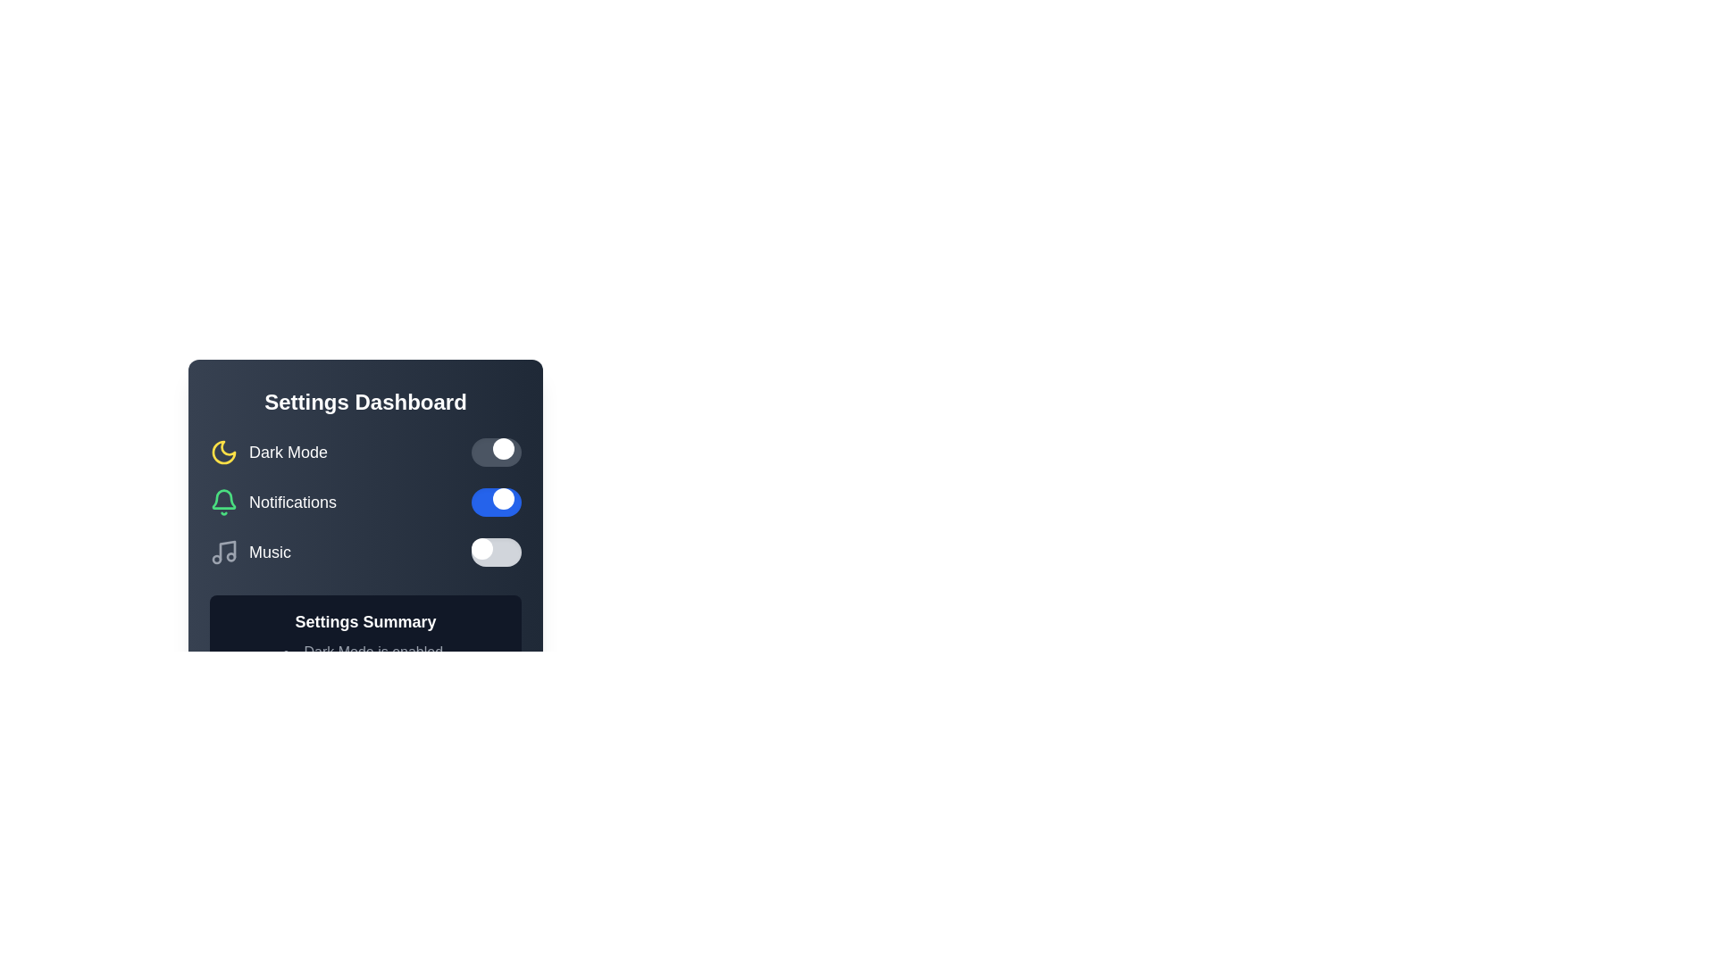  What do you see at coordinates (249, 551) in the screenshot?
I see `the 'Music' text label which includes a musical note icon to associate the icon with the text` at bounding box center [249, 551].